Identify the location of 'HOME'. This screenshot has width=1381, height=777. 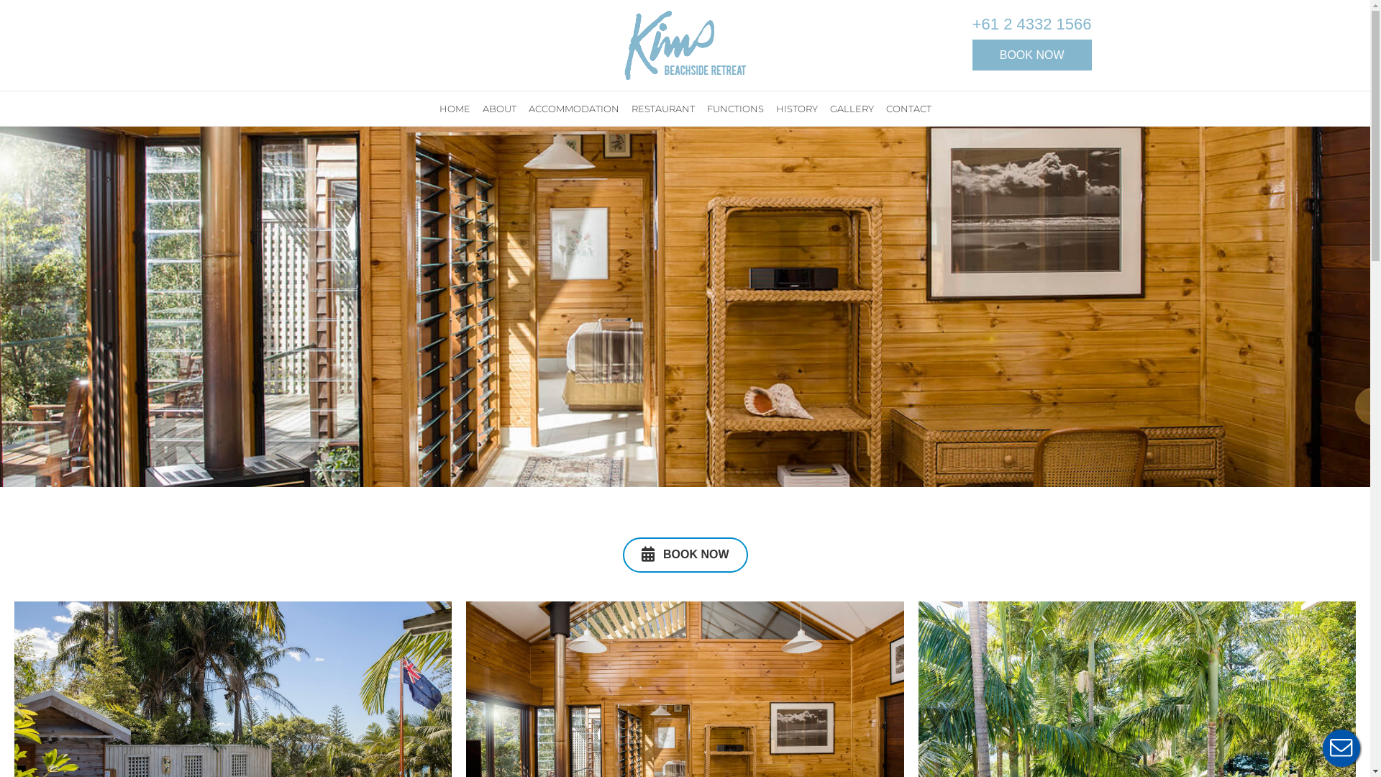
(454, 107).